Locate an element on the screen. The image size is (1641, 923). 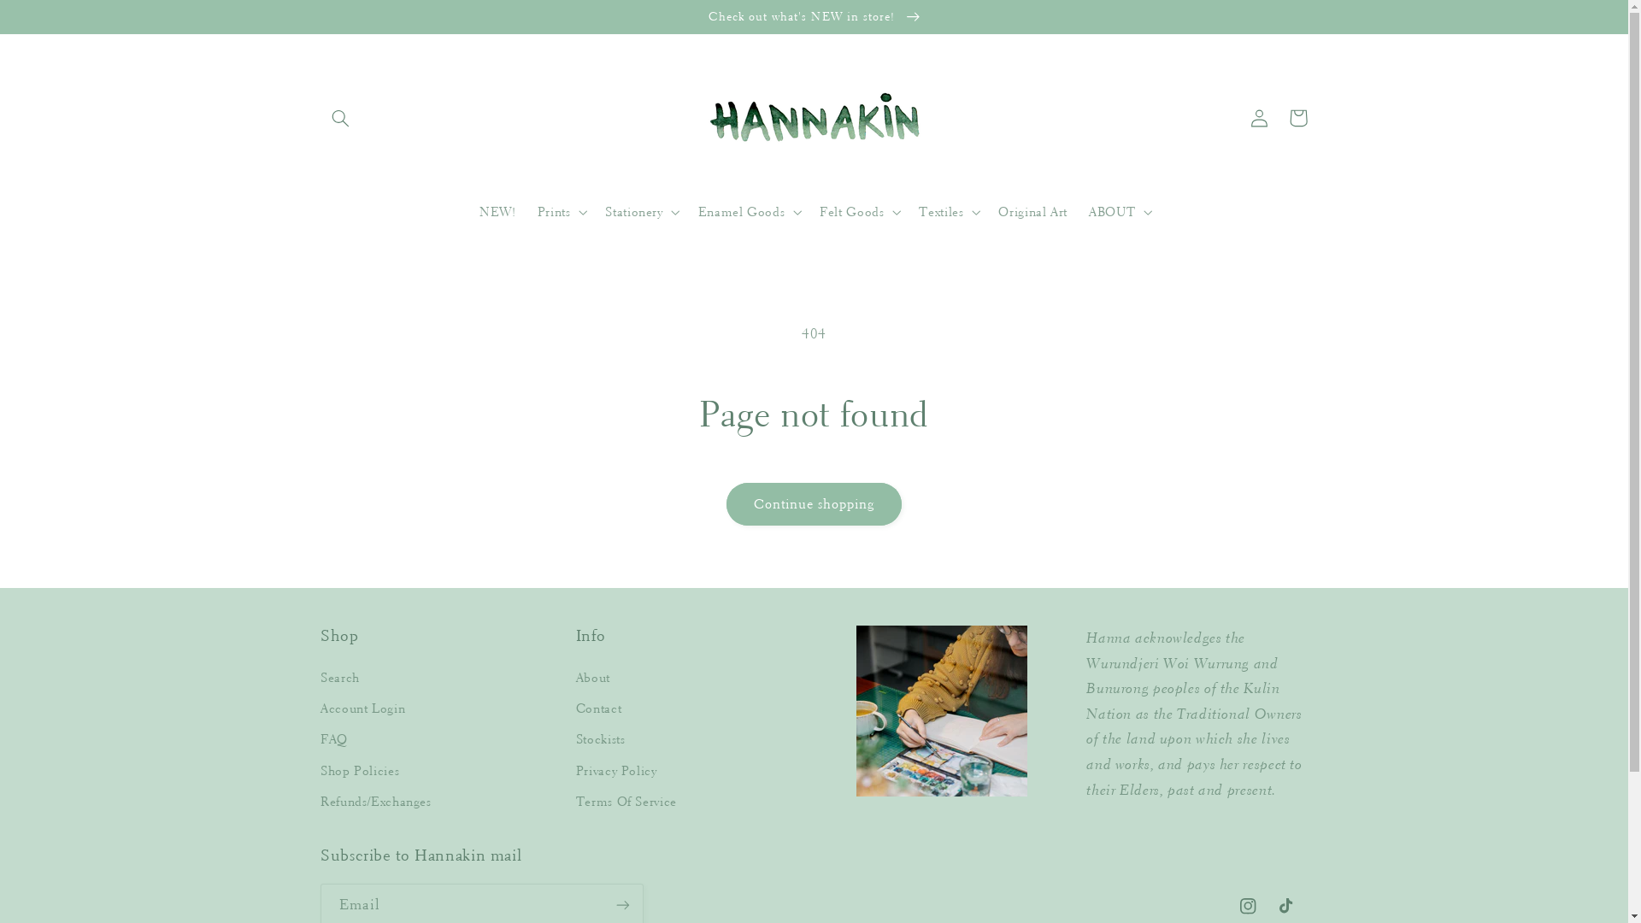
'Contact' is located at coordinates (575, 708).